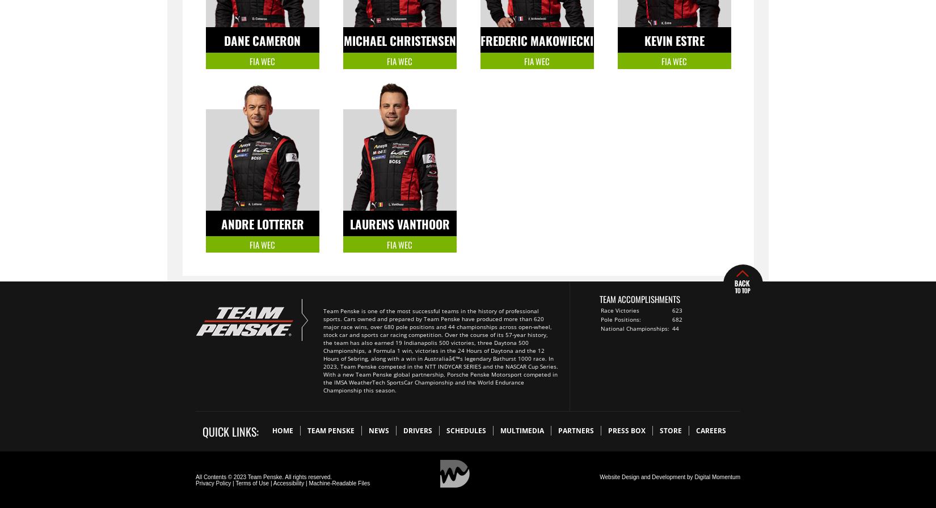  I want to click on 'News', so click(378, 430).